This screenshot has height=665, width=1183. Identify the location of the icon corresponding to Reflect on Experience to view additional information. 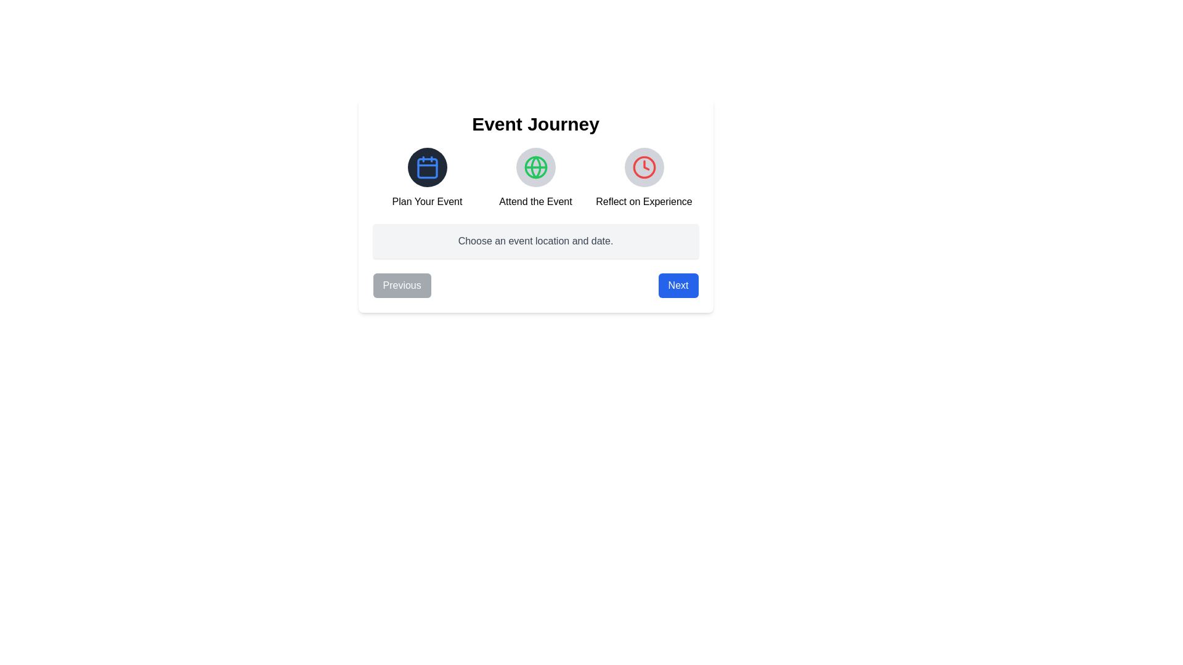
(643, 167).